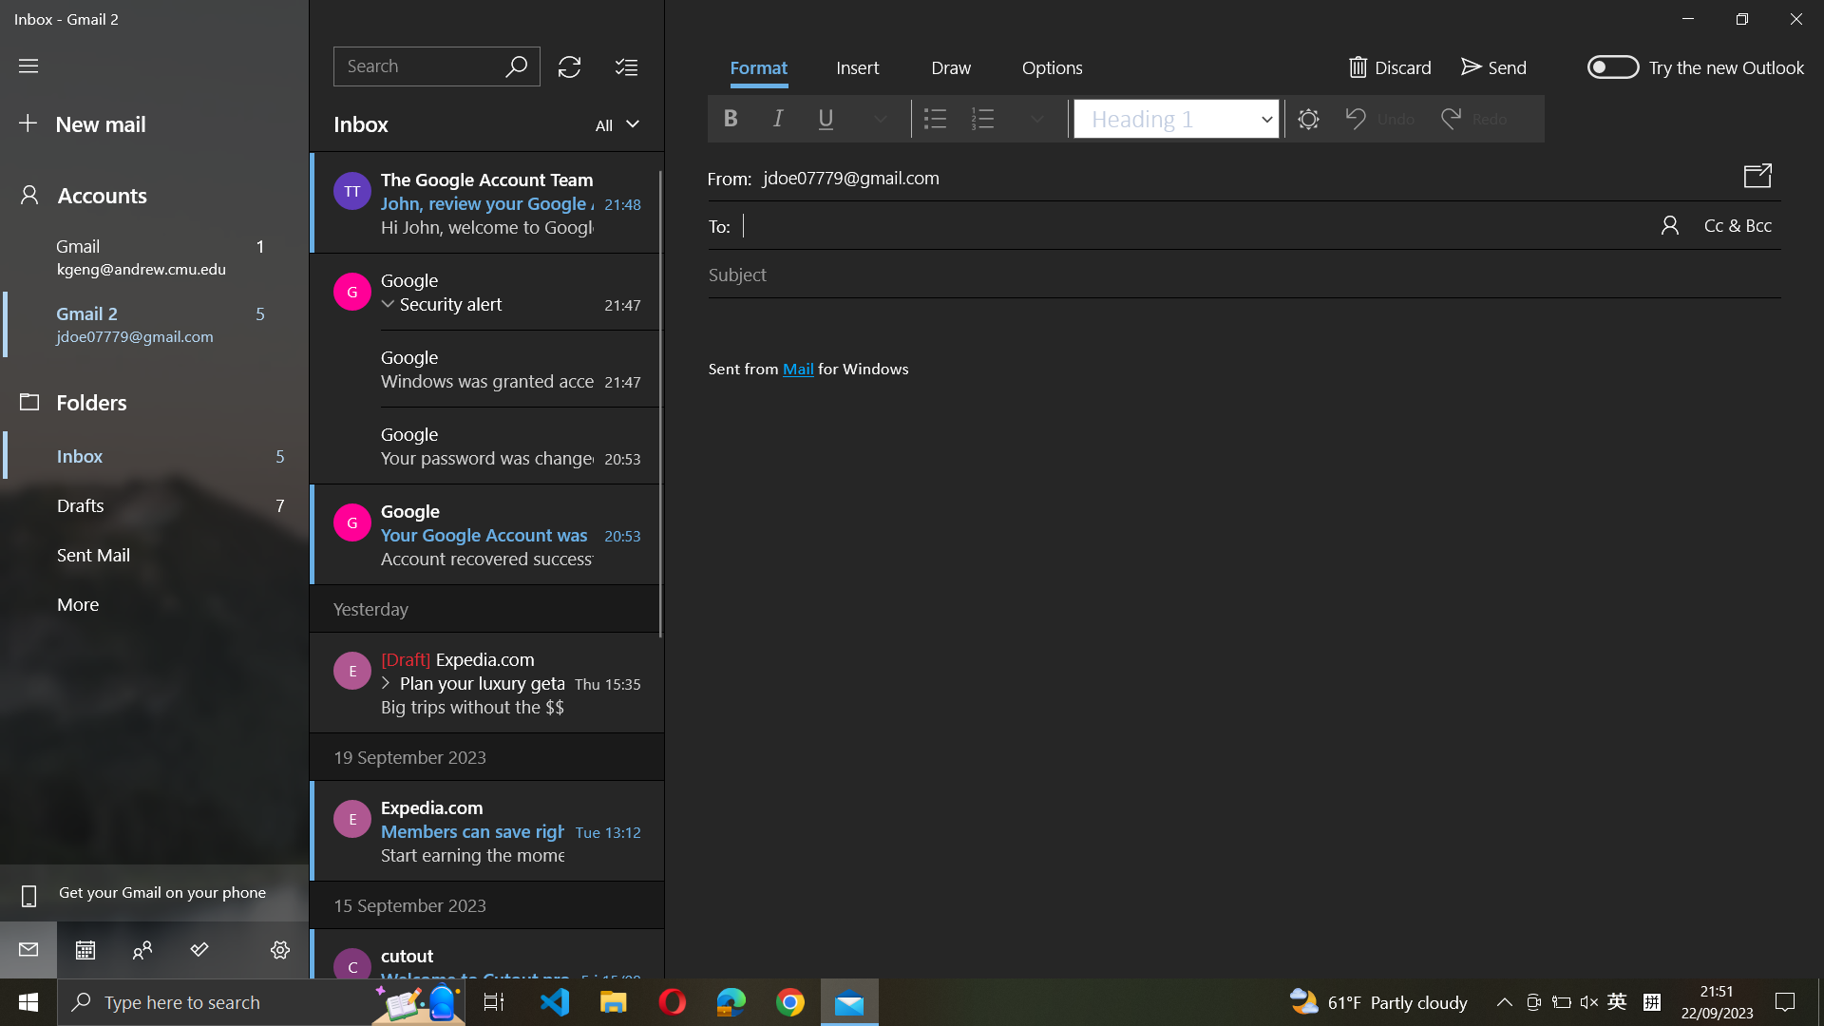  Describe the element at coordinates (729, 117) in the screenshot. I see `Change the text to bold format` at that location.